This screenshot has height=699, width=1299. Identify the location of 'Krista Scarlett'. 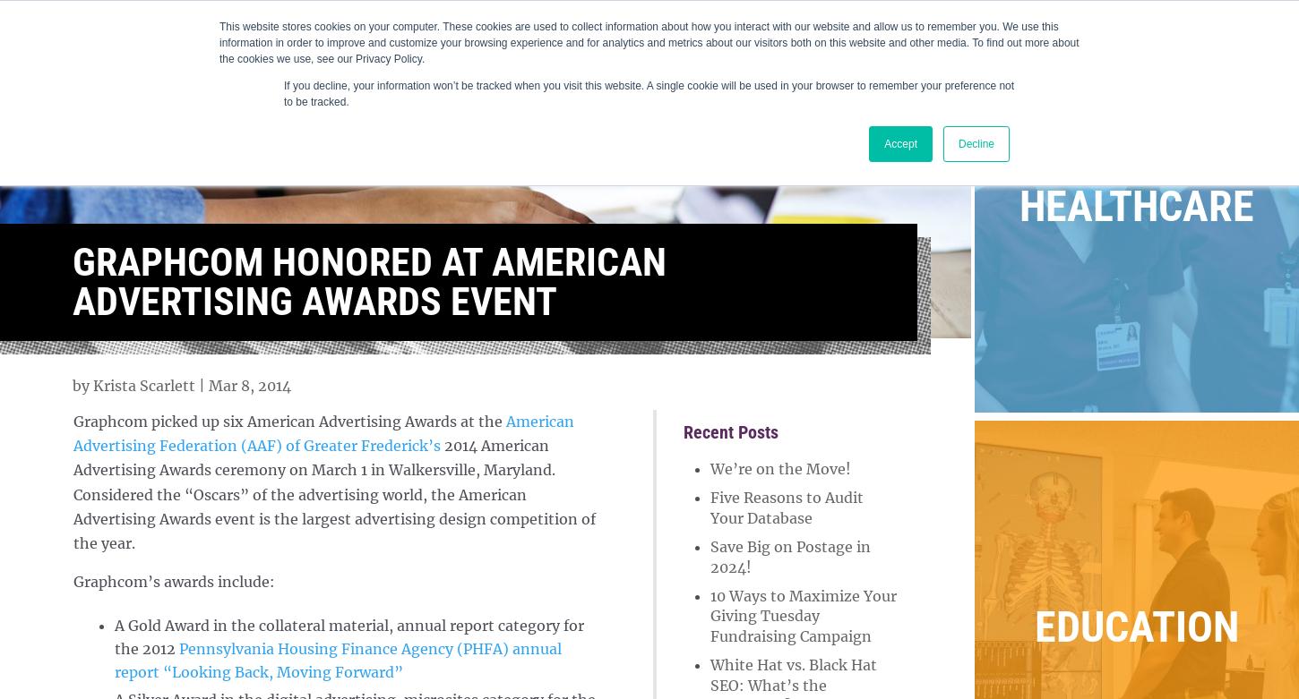
(142, 384).